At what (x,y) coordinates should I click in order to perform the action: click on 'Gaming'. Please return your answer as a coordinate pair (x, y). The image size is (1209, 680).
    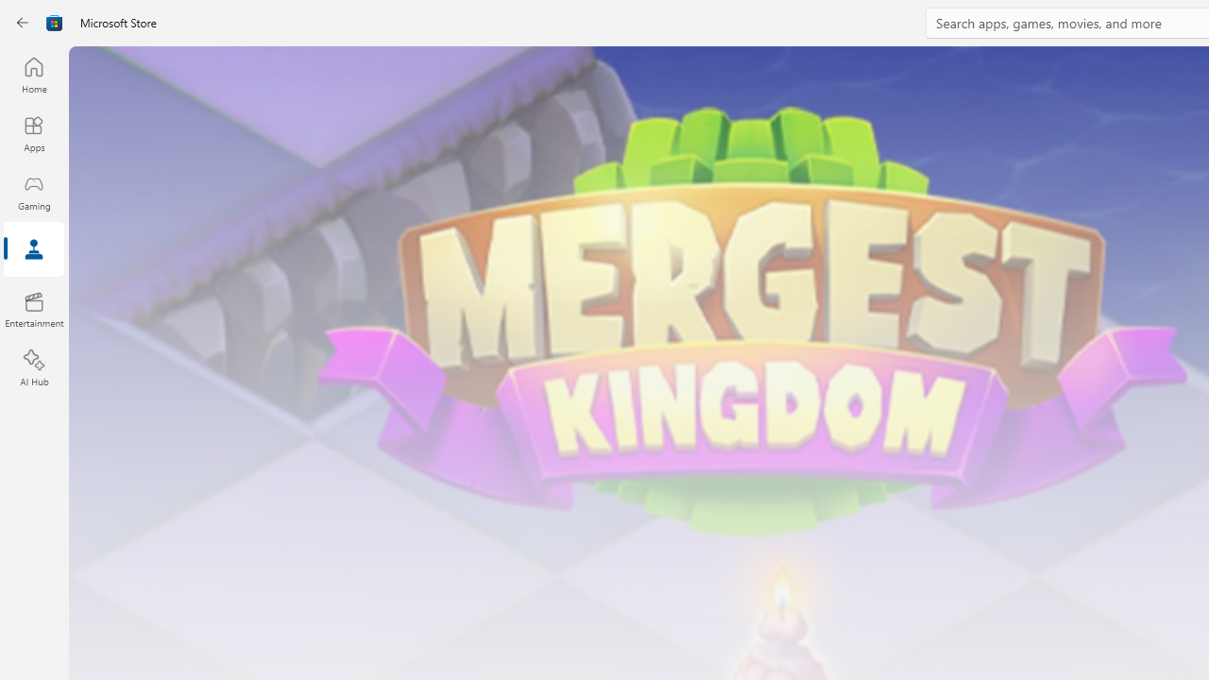
    Looking at the image, I should click on (33, 192).